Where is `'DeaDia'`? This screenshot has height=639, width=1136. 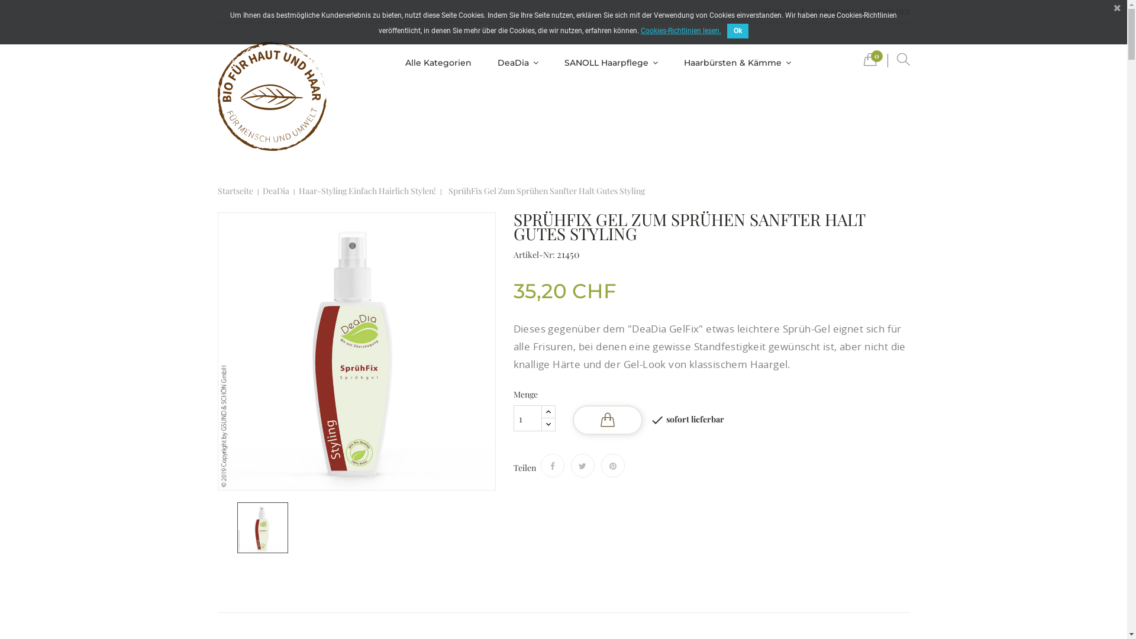
'DeaDia' is located at coordinates (275, 191).